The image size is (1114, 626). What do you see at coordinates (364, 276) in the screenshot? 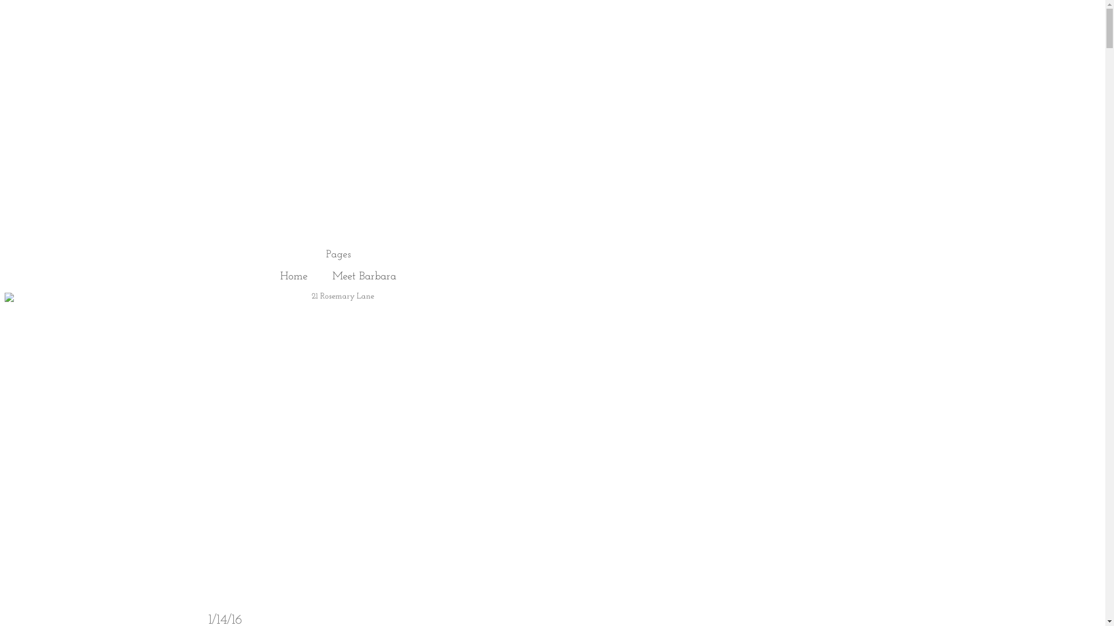
I see `'Meet Barbara'` at bounding box center [364, 276].